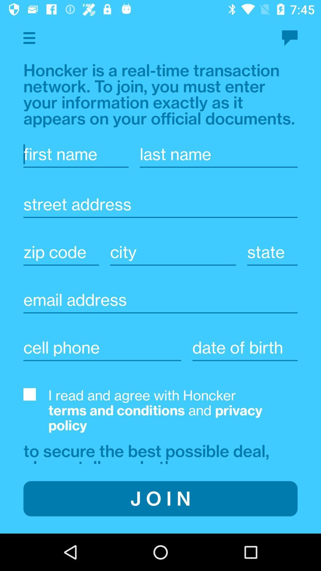 The width and height of the screenshot is (321, 571). I want to click on type date of birth, so click(245, 347).